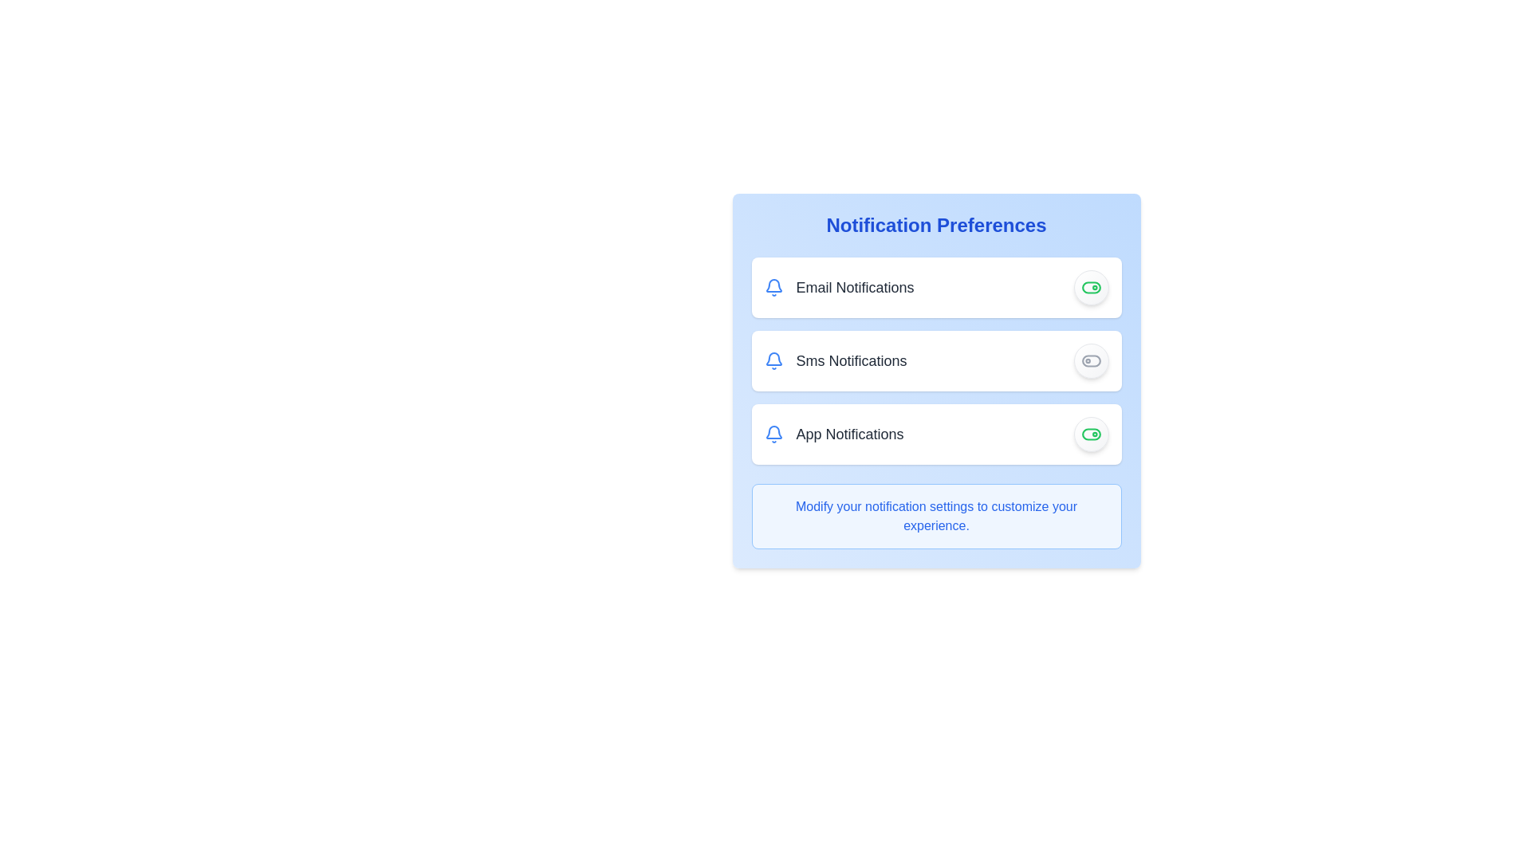  I want to click on the active toggle switch located to the right of the 'App Notifications' label in the third row of the notification preferences list, so click(1090, 434).